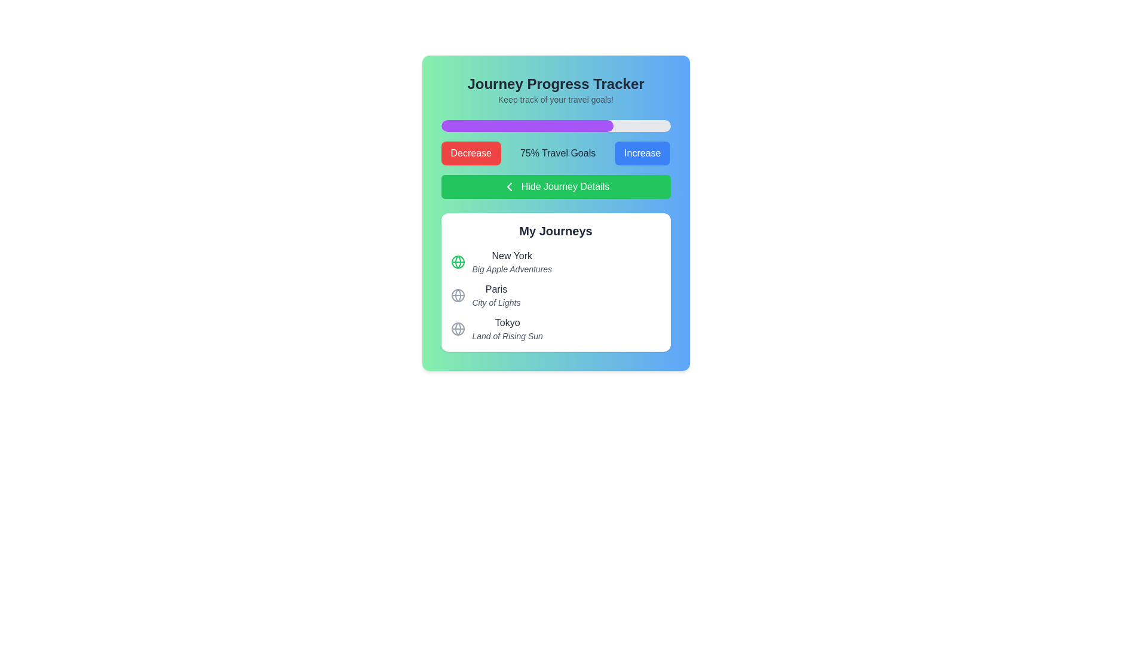  Describe the element at coordinates (555, 89) in the screenshot. I see `the header text display that provides context about tracking travel goals, located at the top of a card-like UI component` at that location.